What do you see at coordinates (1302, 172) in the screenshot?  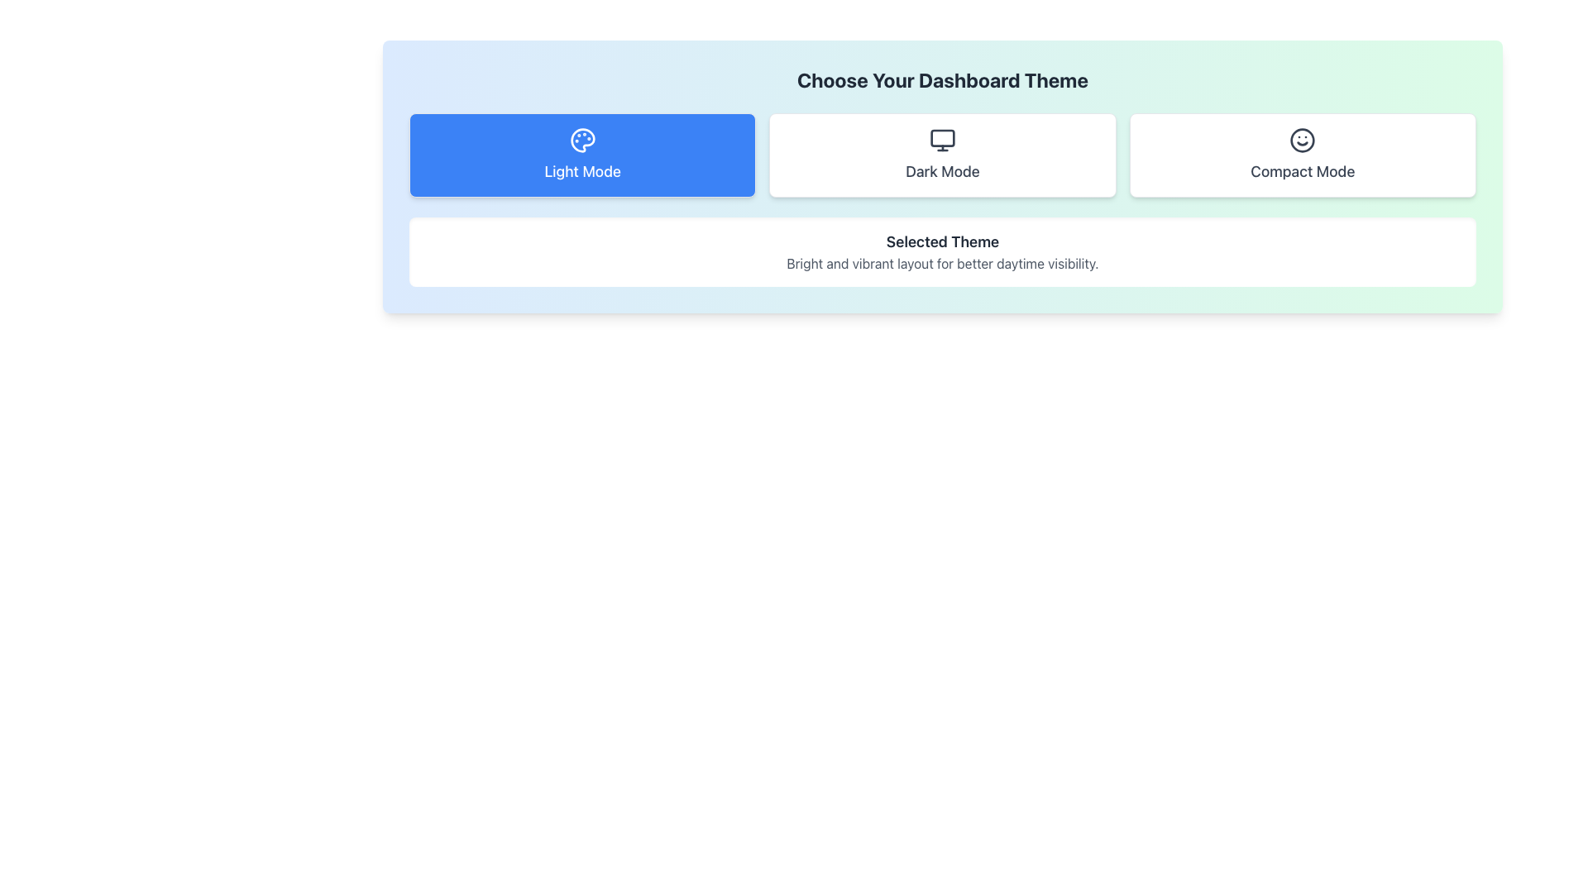 I see `the 'Compact Mode' text label, which is styled in a medium font size and sans-serif typeface, located below a circular smiley face icon in the rightmost dashboard theme options` at bounding box center [1302, 172].